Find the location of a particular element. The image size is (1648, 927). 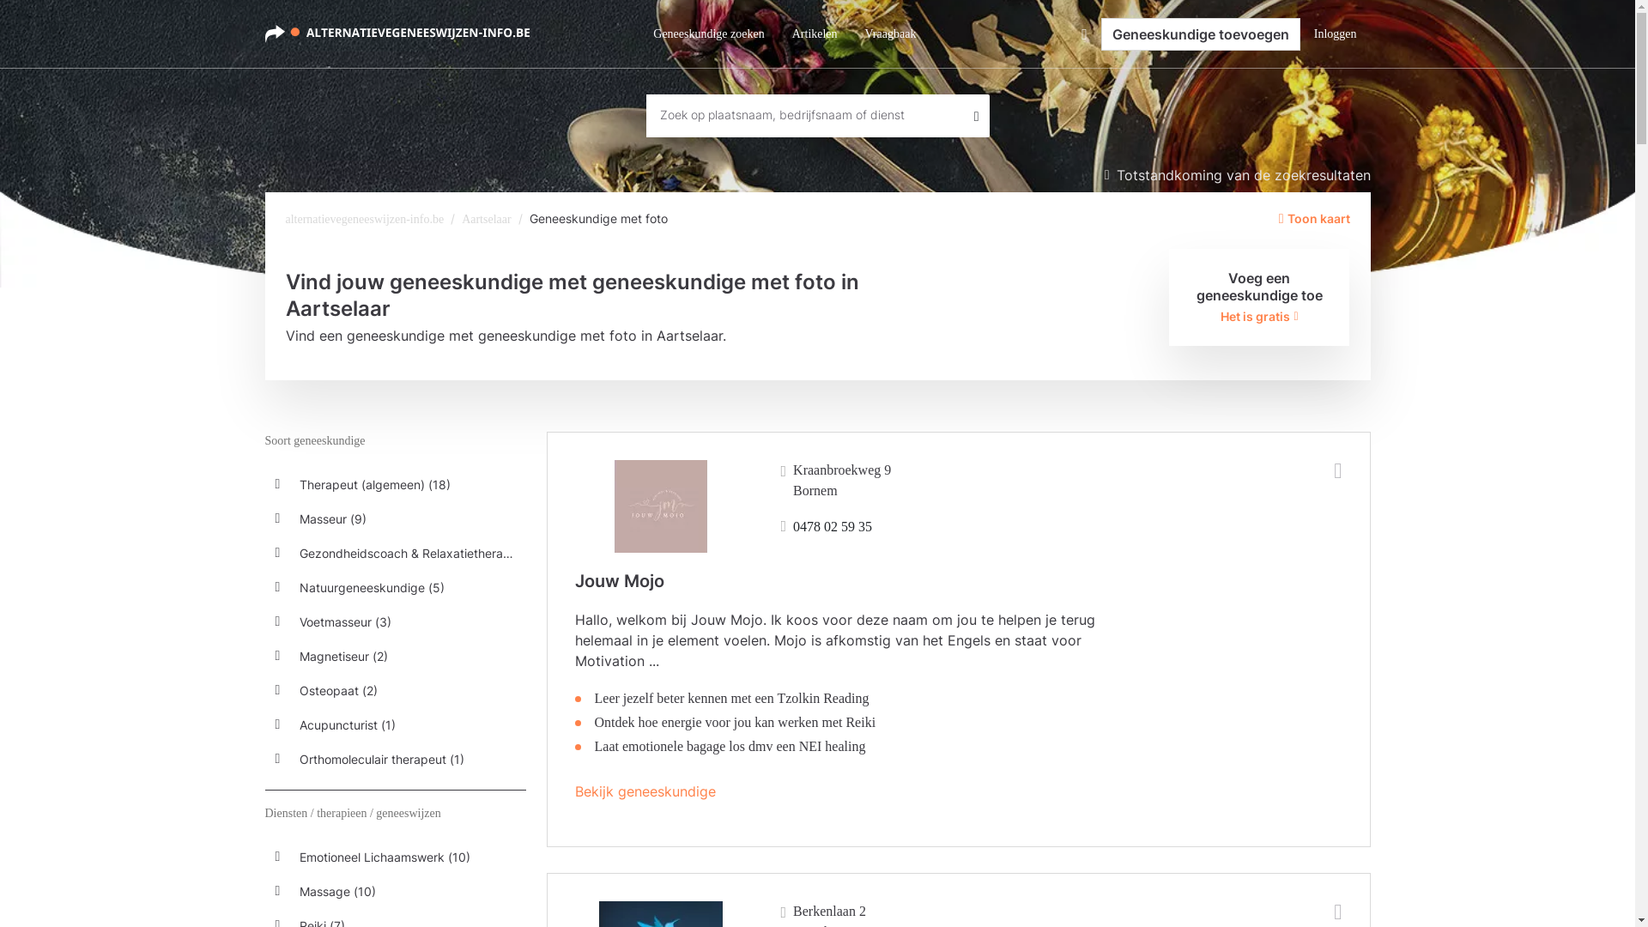

'Gezondheidscoach & Relaxatietherapeut (5)' is located at coordinates (394, 553).